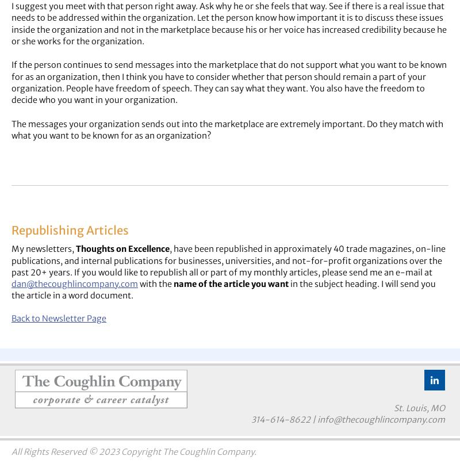 The width and height of the screenshot is (460, 475). Describe the element at coordinates (309, 419) in the screenshot. I see `'|'` at that location.